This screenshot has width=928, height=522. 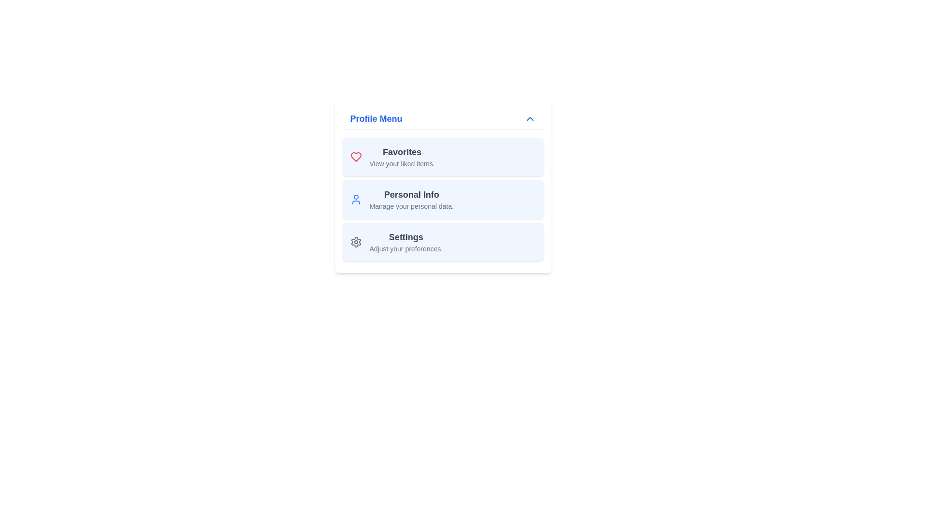 I want to click on descriptive text label located directly below the 'Settings' title in the card-like section, so click(x=406, y=248).